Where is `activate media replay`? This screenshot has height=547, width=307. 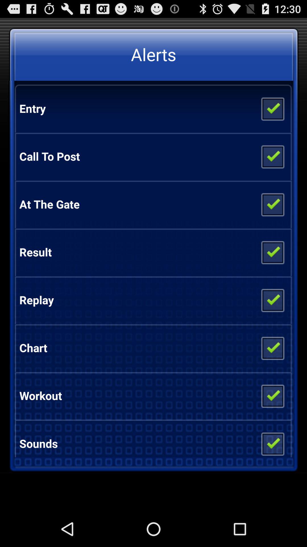
activate media replay is located at coordinates (272, 299).